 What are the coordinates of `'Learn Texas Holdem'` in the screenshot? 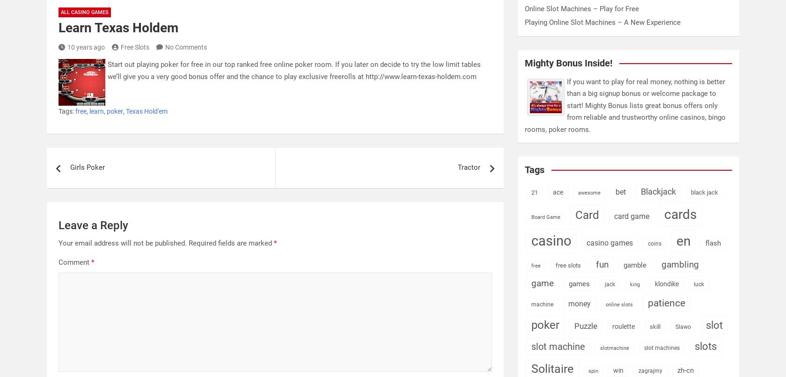 It's located at (118, 28).